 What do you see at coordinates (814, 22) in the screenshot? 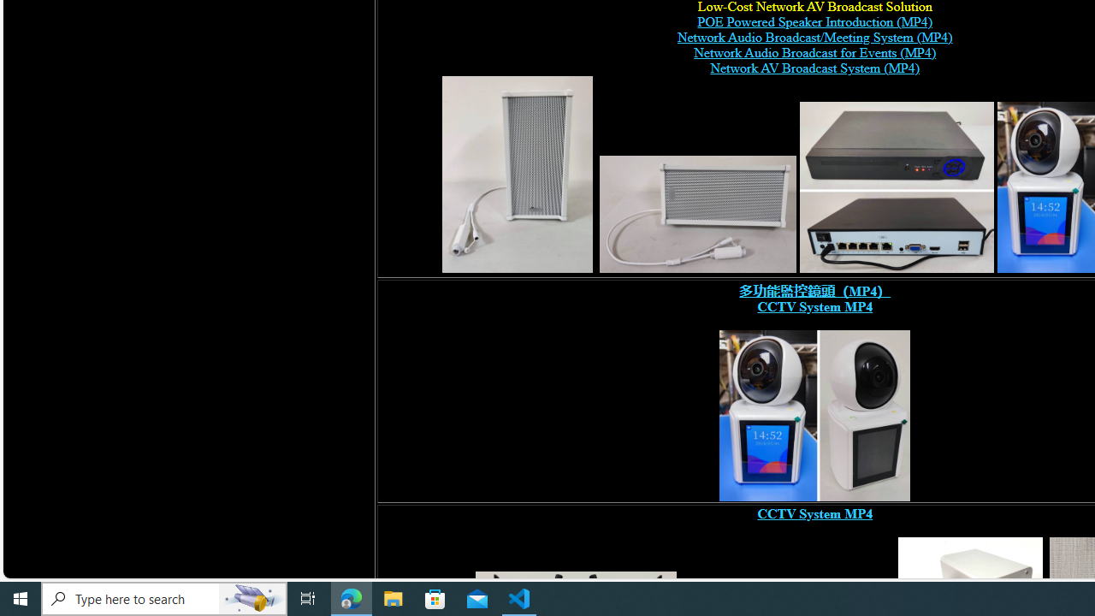
I see `'POE Powered Speaker Introduction (MP4)'` at bounding box center [814, 22].